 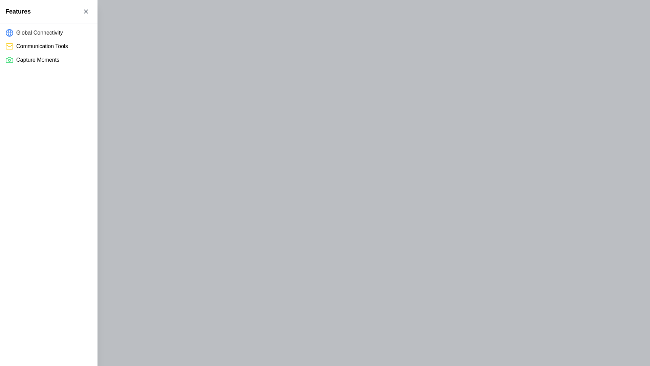 I want to click on the third list item with an icon, which represents capturing moments, so click(x=48, y=60).